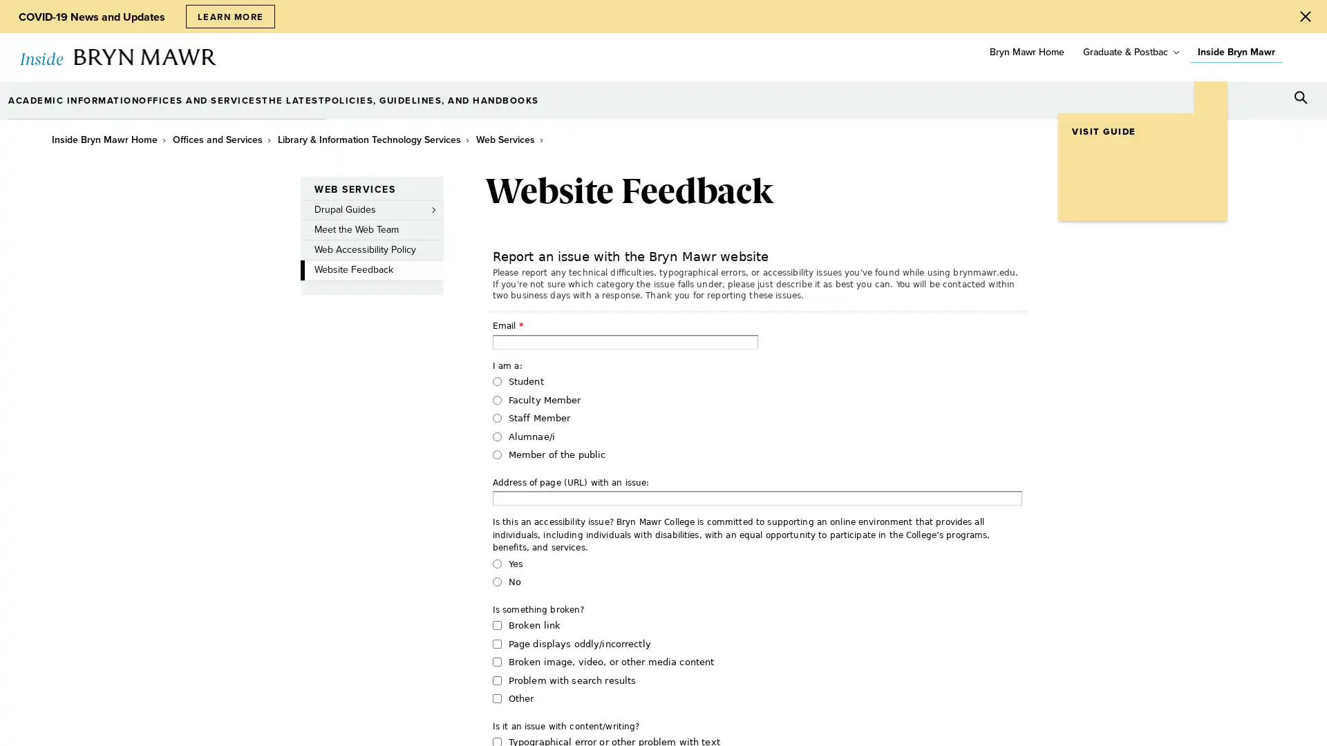 The height and width of the screenshot is (746, 1327). I want to click on Search, so click(1299, 97).